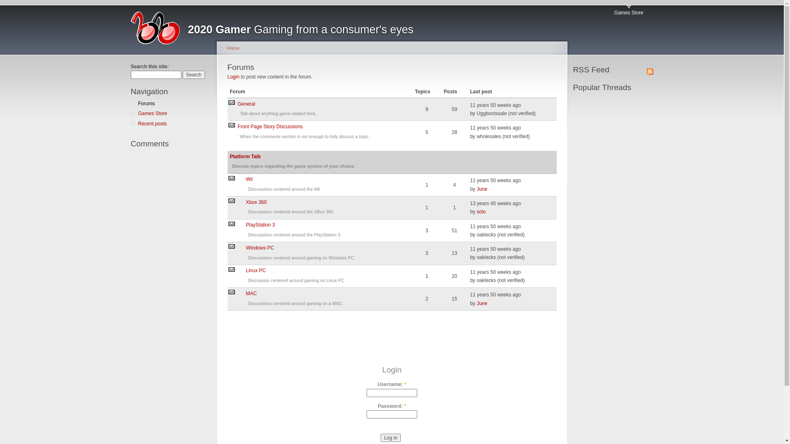  What do you see at coordinates (481, 211) in the screenshot?
I see `'solo'` at bounding box center [481, 211].